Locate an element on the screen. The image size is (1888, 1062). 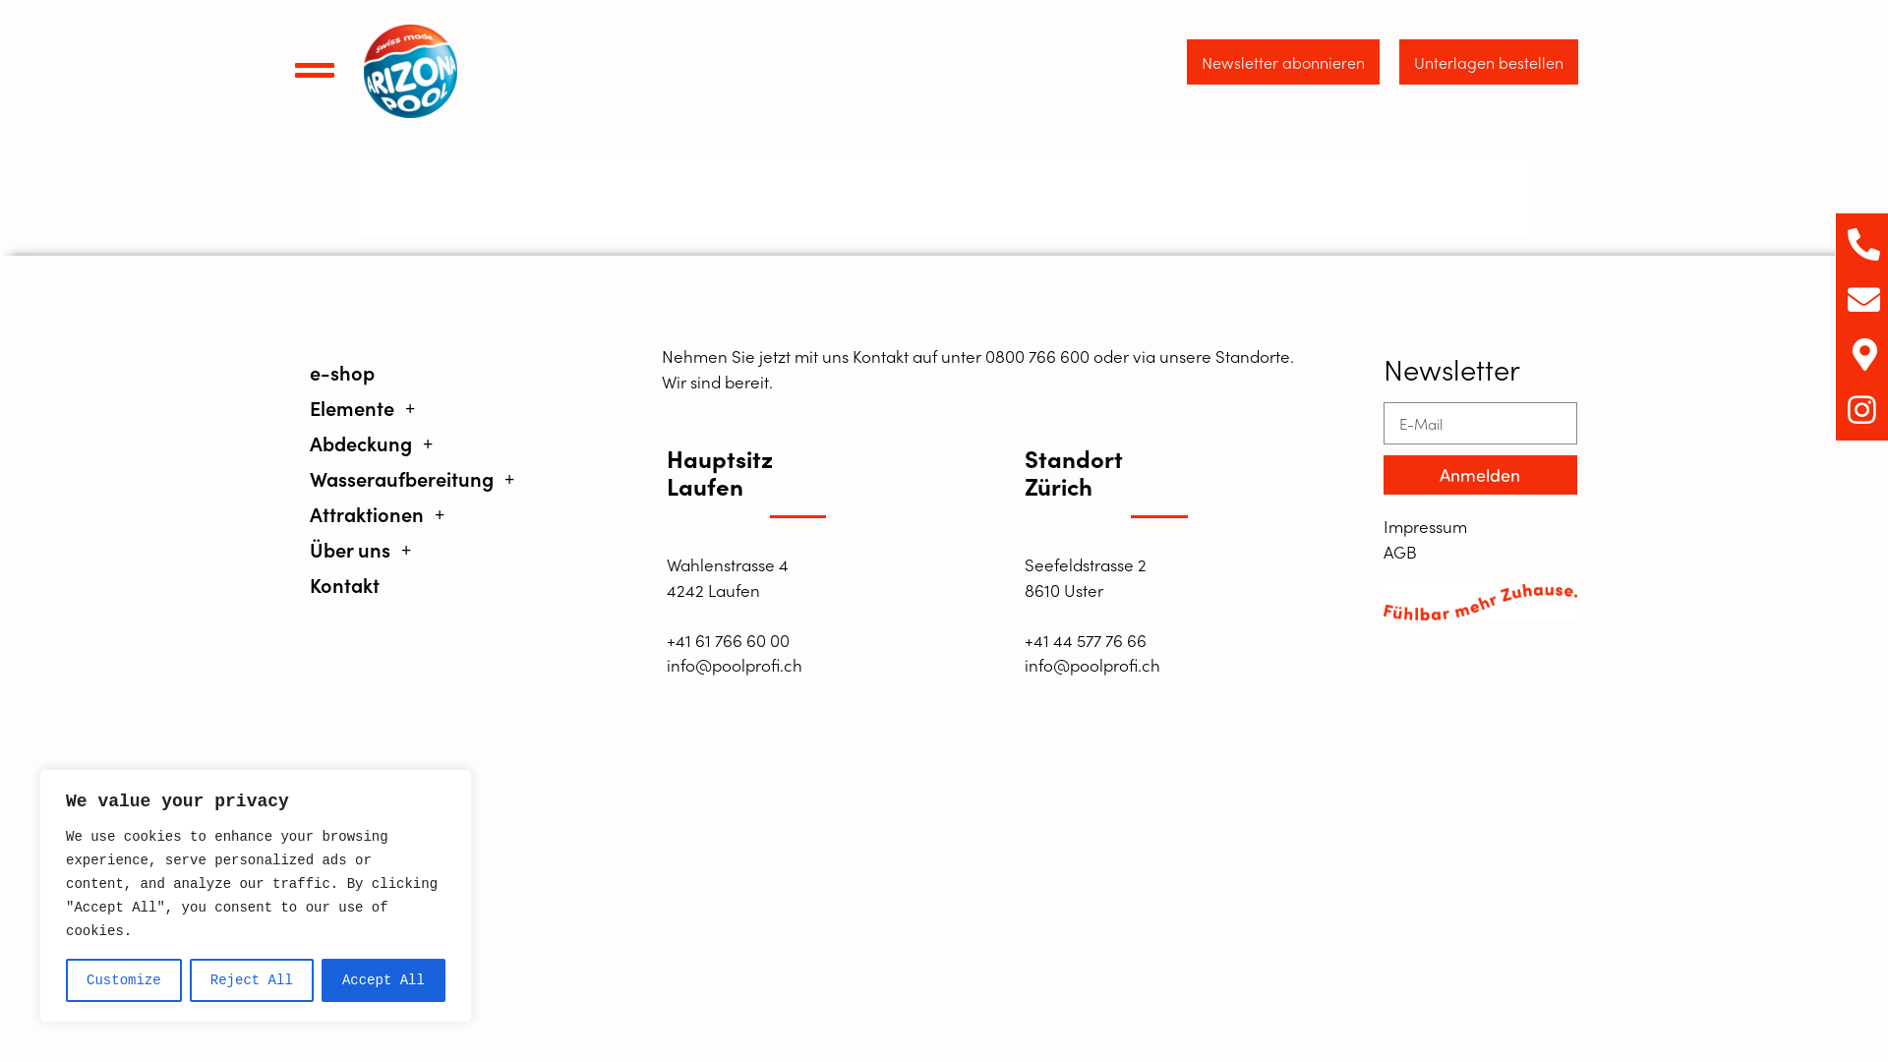
'Impressum' is located at coordinates (1480, 526).